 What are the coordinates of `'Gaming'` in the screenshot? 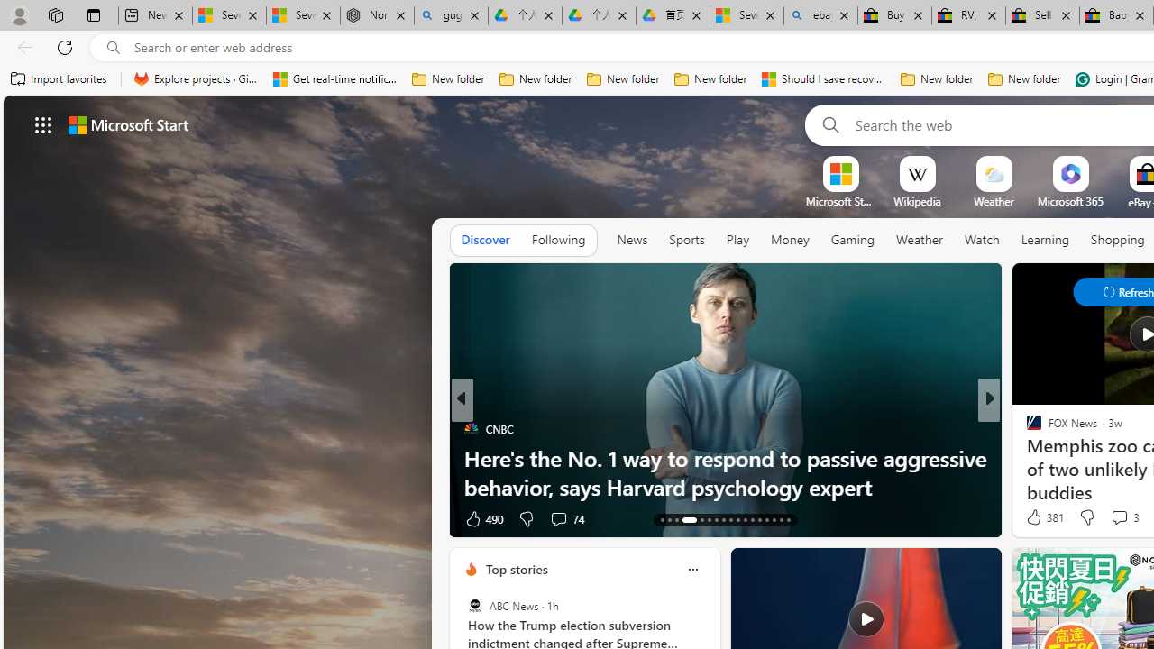 It's located at (851, 240).